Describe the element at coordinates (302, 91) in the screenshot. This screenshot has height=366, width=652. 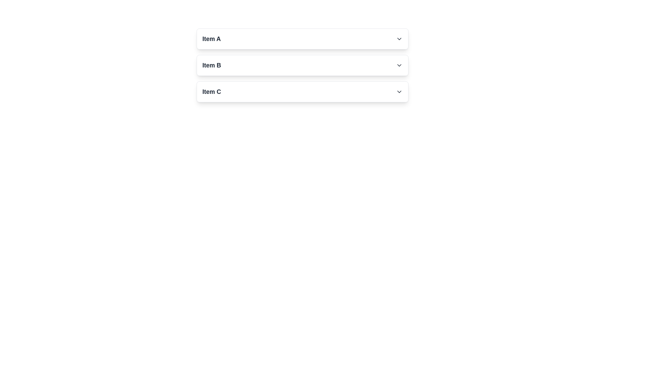
I see `the dropdown menu trigger labeled 'Item C'` at that location.